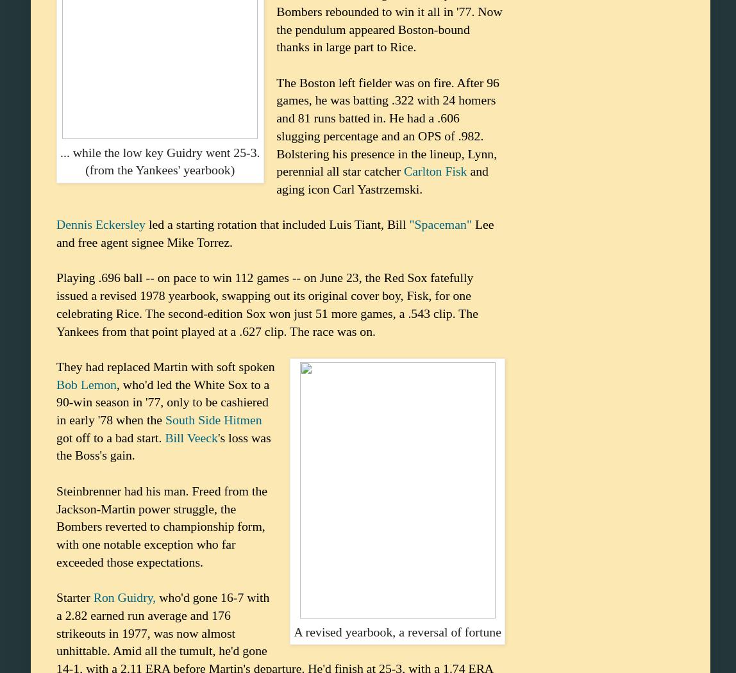 The image size is (736, 673). I want to click on '"Spaceman"', so click(440, 223).